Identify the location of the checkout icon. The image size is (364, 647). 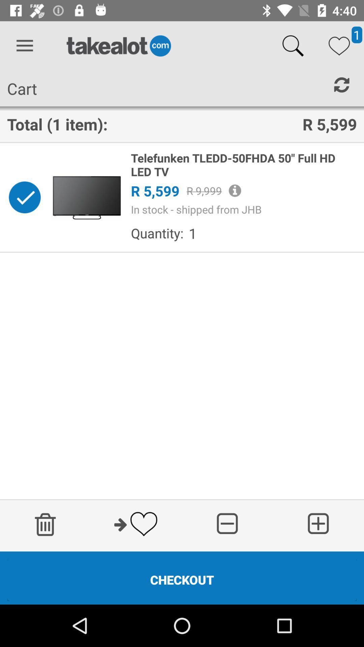
(182, 579).